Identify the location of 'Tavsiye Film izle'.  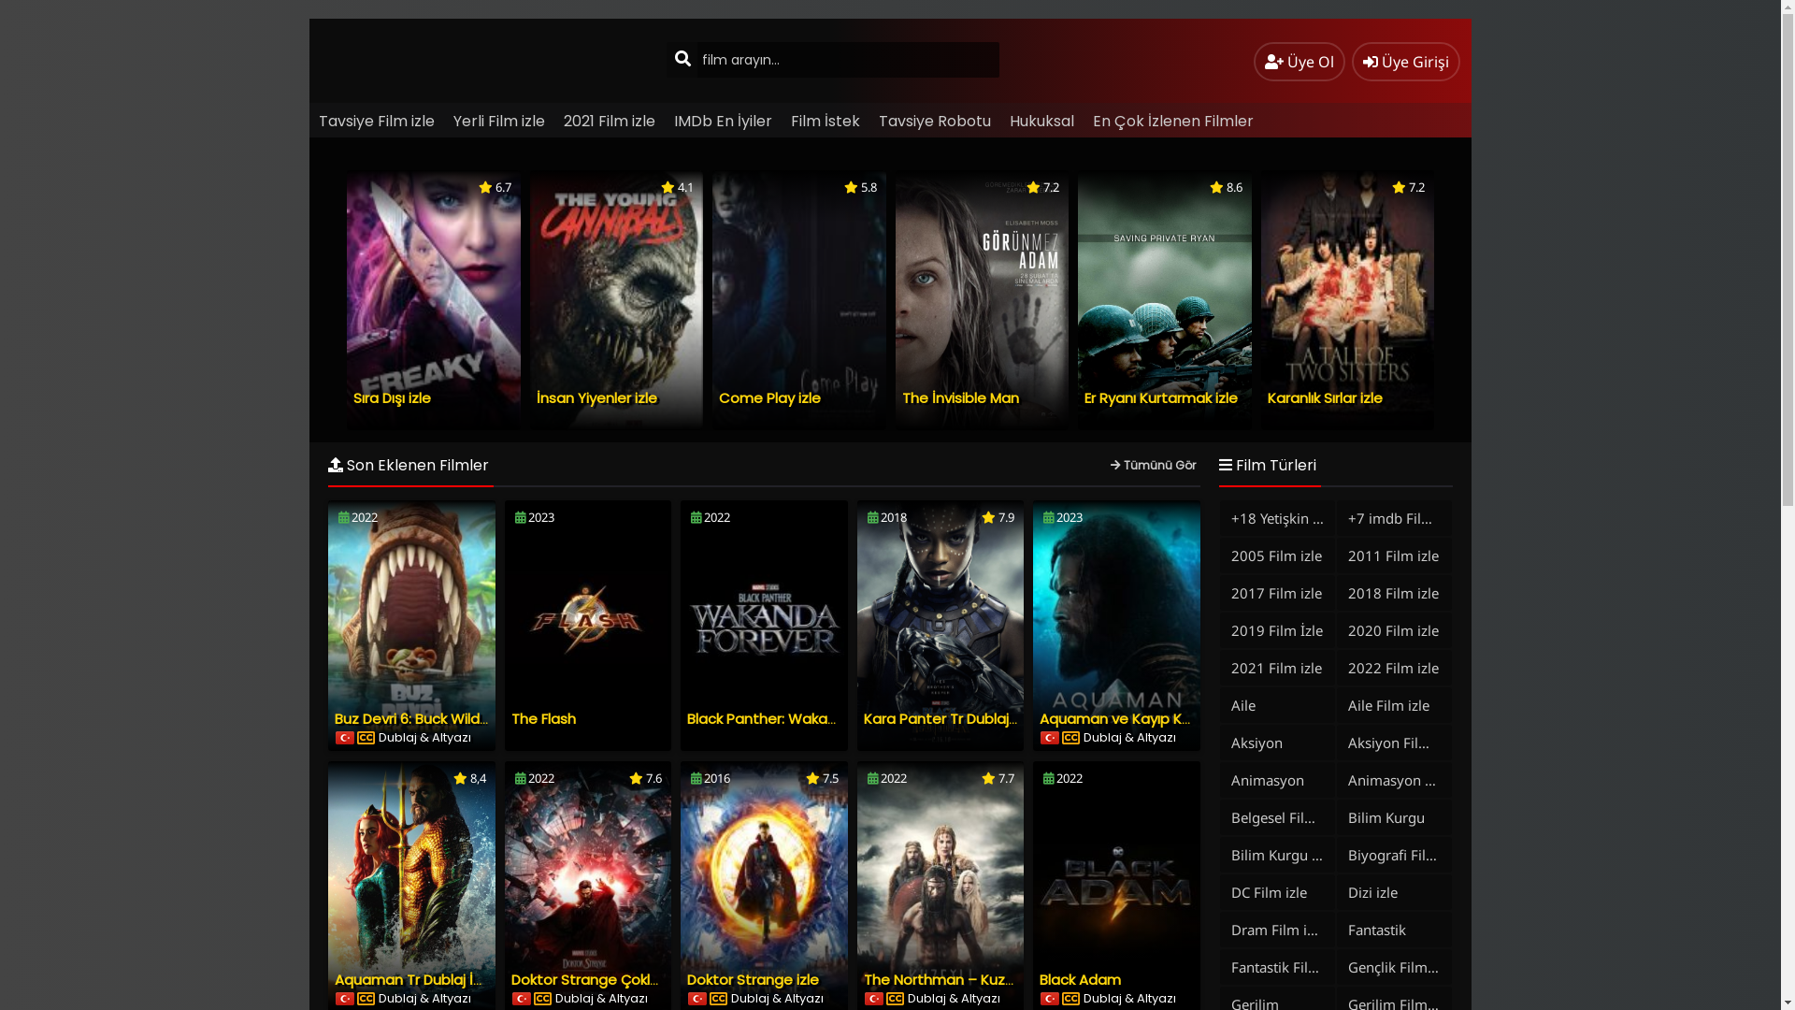
(376, 121).